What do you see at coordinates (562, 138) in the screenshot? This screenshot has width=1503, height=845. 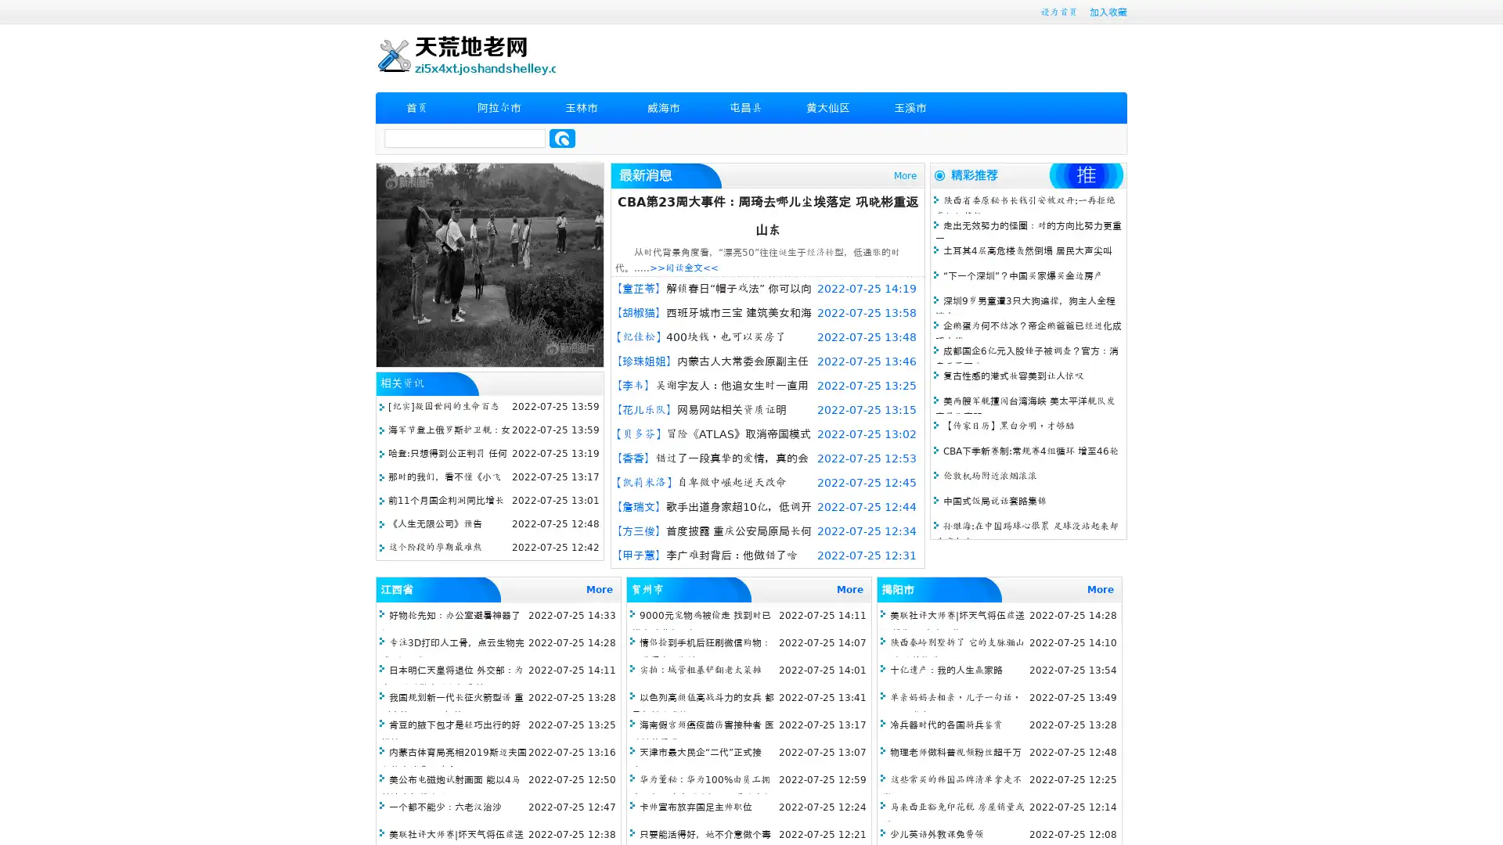 I see `Search` at bounding box center [562, 138].